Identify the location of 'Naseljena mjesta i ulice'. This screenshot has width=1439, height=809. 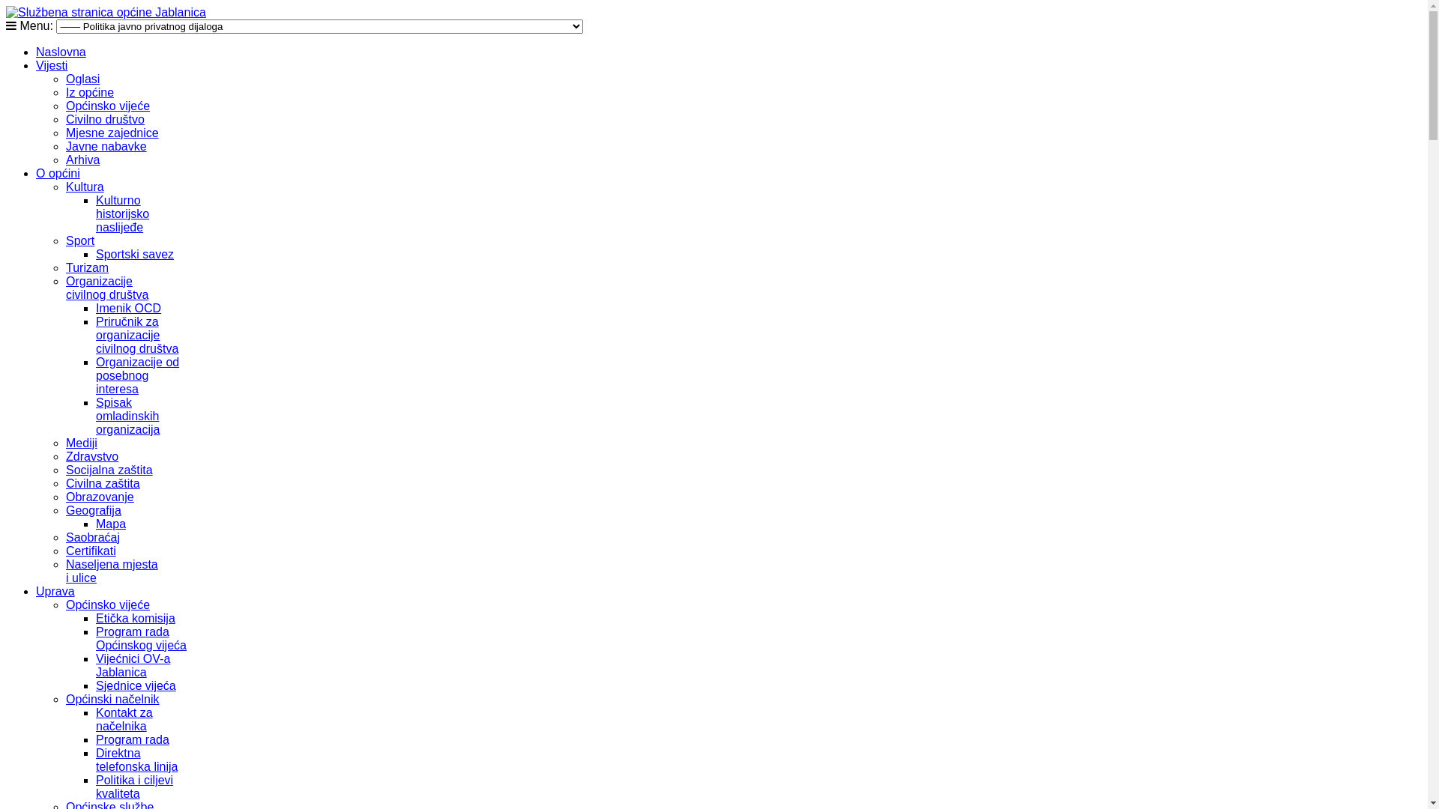
(111, 571).